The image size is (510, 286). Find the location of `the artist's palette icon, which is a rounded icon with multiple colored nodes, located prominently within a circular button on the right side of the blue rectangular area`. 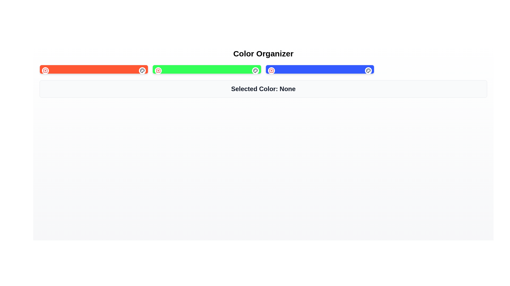

the artist's palette icon, which is a rounded icon with multiple colored nodes, located prominently within a circular button on the right side of the blue rectangular area is located at coordinates (368, 70).